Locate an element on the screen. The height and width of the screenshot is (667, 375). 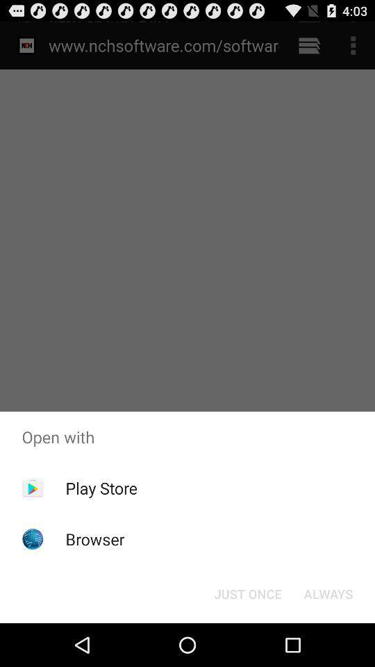
item above browser icon is located at coordinates (101, 488).